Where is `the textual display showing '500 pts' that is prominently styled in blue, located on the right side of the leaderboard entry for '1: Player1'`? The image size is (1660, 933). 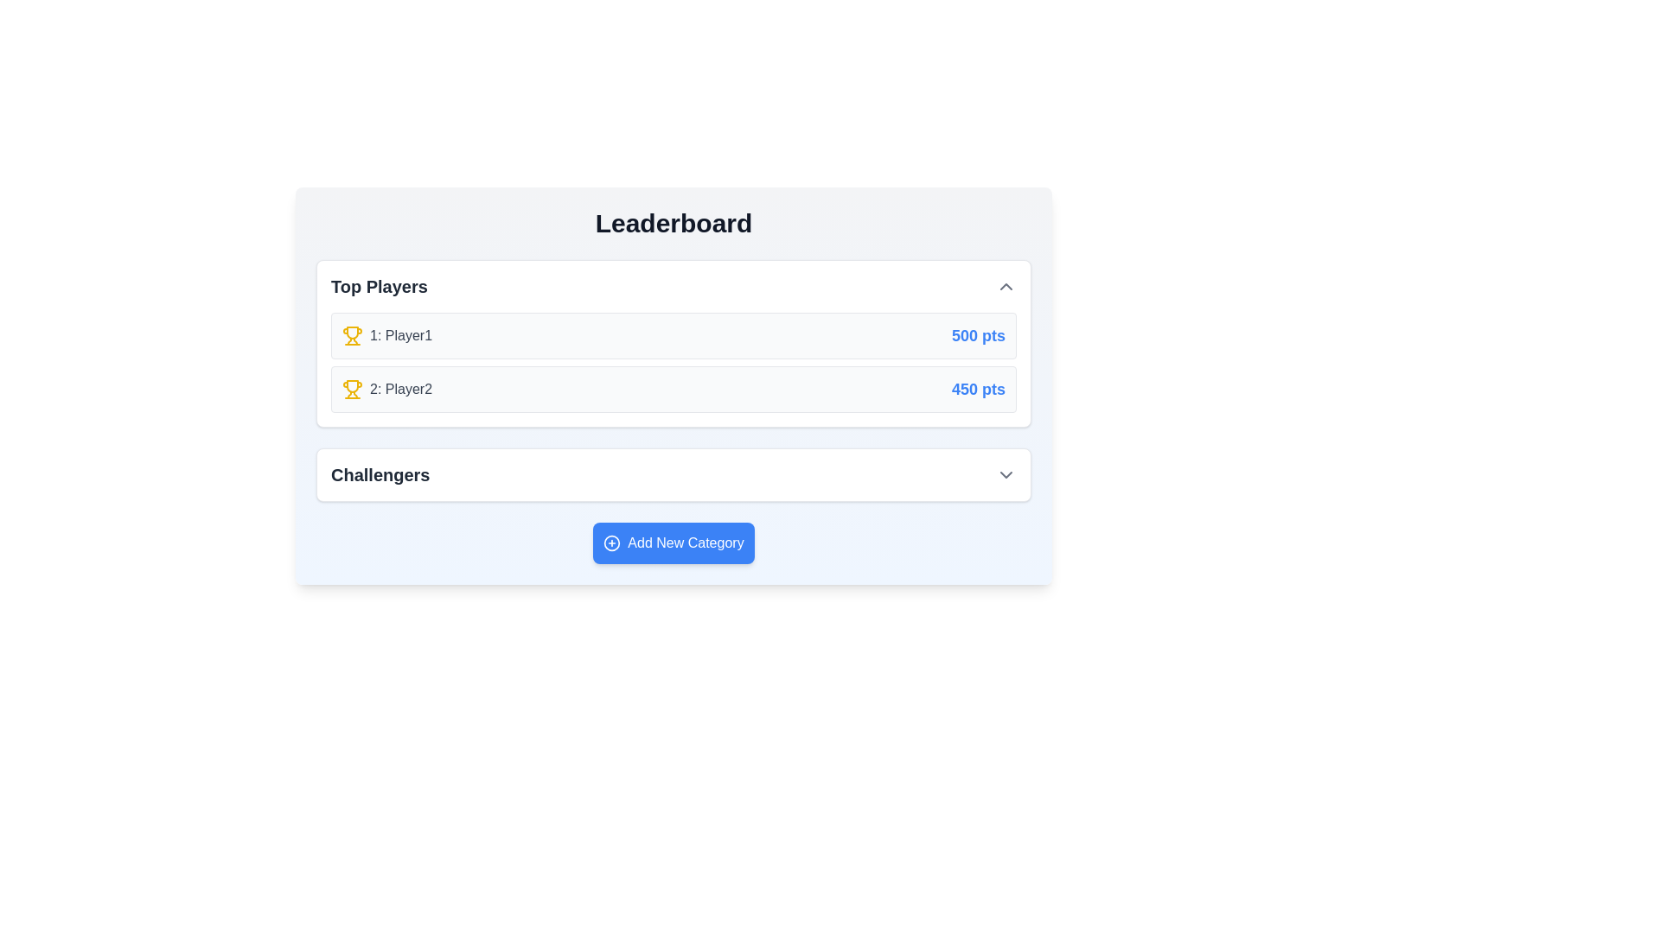
the textual display showing '500 pts' that is prominently styled in blue, located on the right side of the leaderboard entry for '1: Player1' is located at coordinates (979, 336).